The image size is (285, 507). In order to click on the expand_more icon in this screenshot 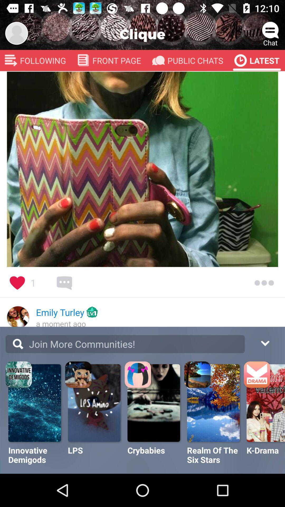, I will do `click(265, 342)`.